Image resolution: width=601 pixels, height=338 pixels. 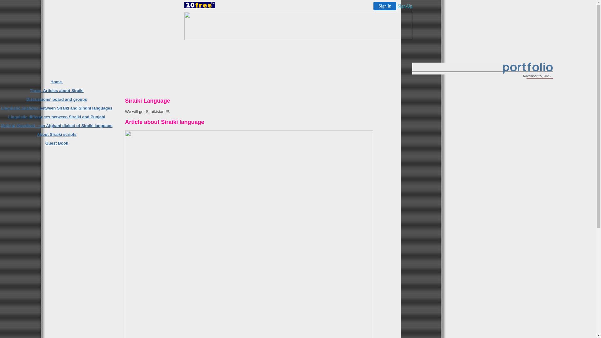 What do you see at coordinates (57, 117) in the screenshot?
I see `'Linguistic differences between Siraiki and Punjabi'` at bounding box center [57, 117].